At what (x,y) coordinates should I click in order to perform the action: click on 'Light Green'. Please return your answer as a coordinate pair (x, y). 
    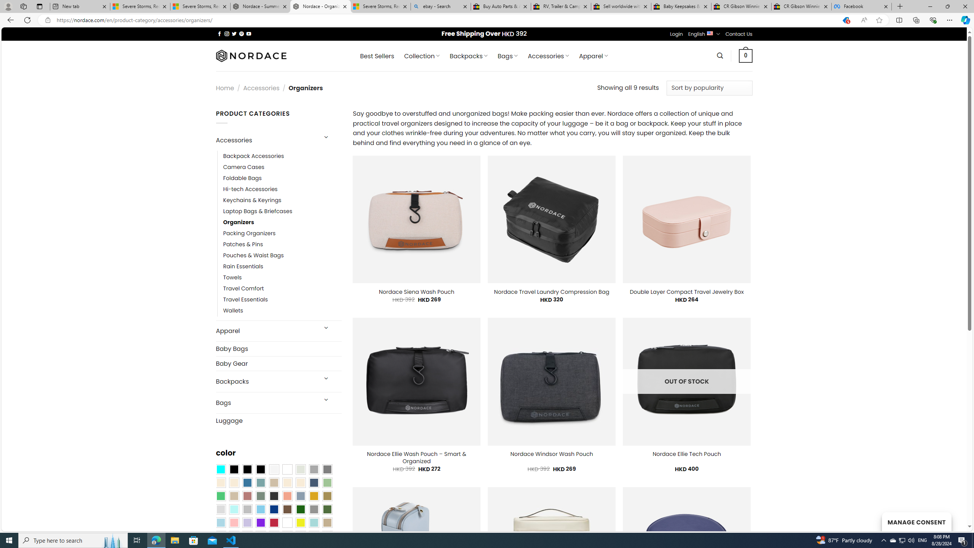
    Looking at the image, I should click on (327, 482).